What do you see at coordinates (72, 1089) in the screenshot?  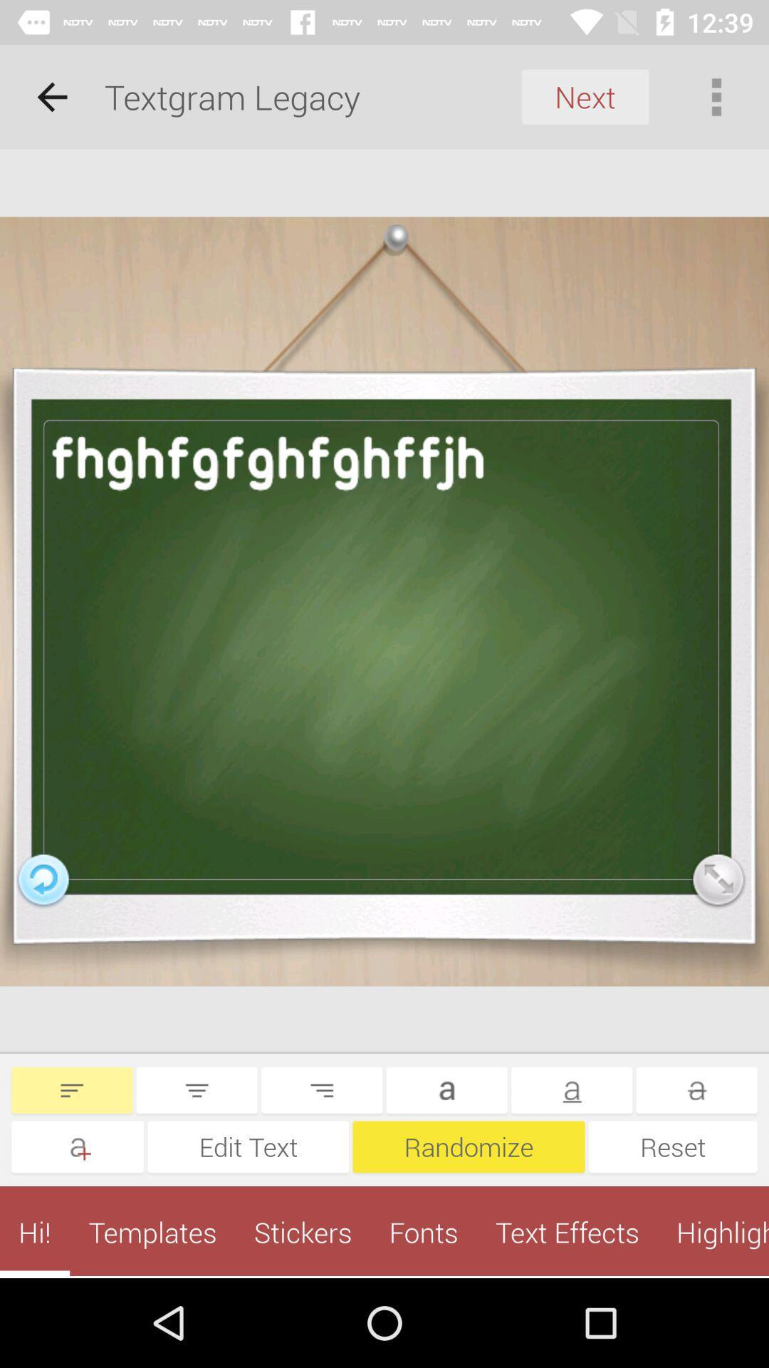 I see `change indentation` at bounding box center [72, 1089].